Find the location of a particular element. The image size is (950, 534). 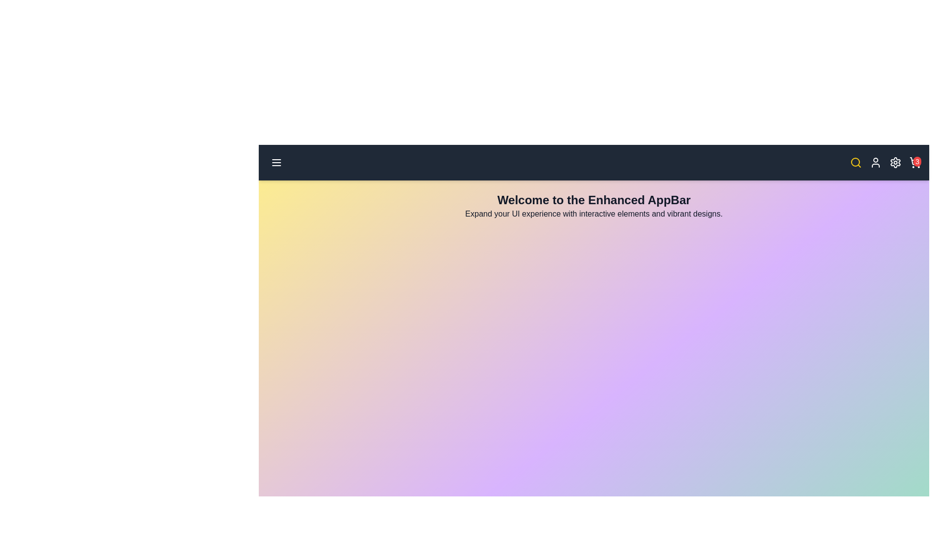

the menu icon button to toggle the menu state is located at coordinates (276, 162).